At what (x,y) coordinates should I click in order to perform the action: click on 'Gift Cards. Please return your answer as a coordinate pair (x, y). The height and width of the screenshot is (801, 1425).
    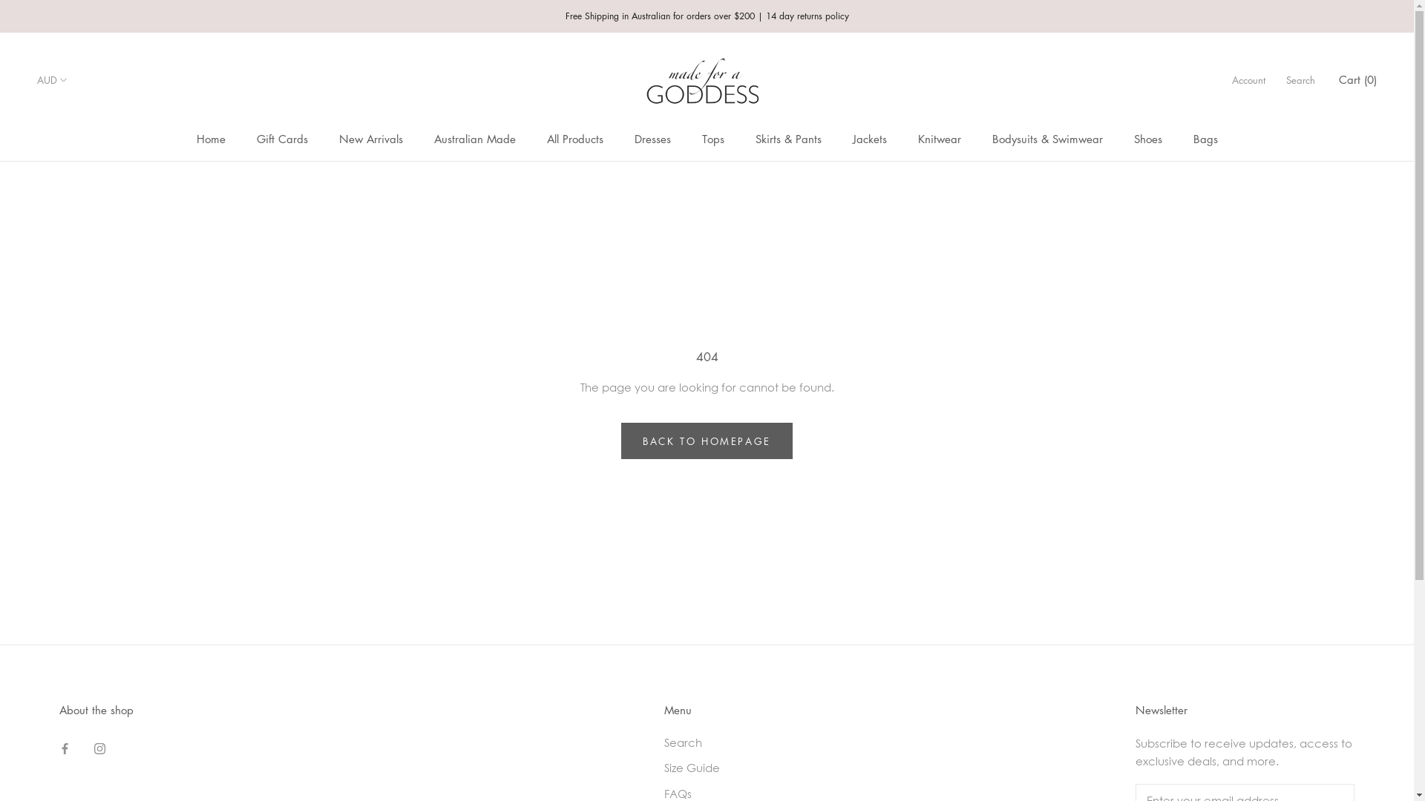
    Looking at the image, I should click on (282, 138).